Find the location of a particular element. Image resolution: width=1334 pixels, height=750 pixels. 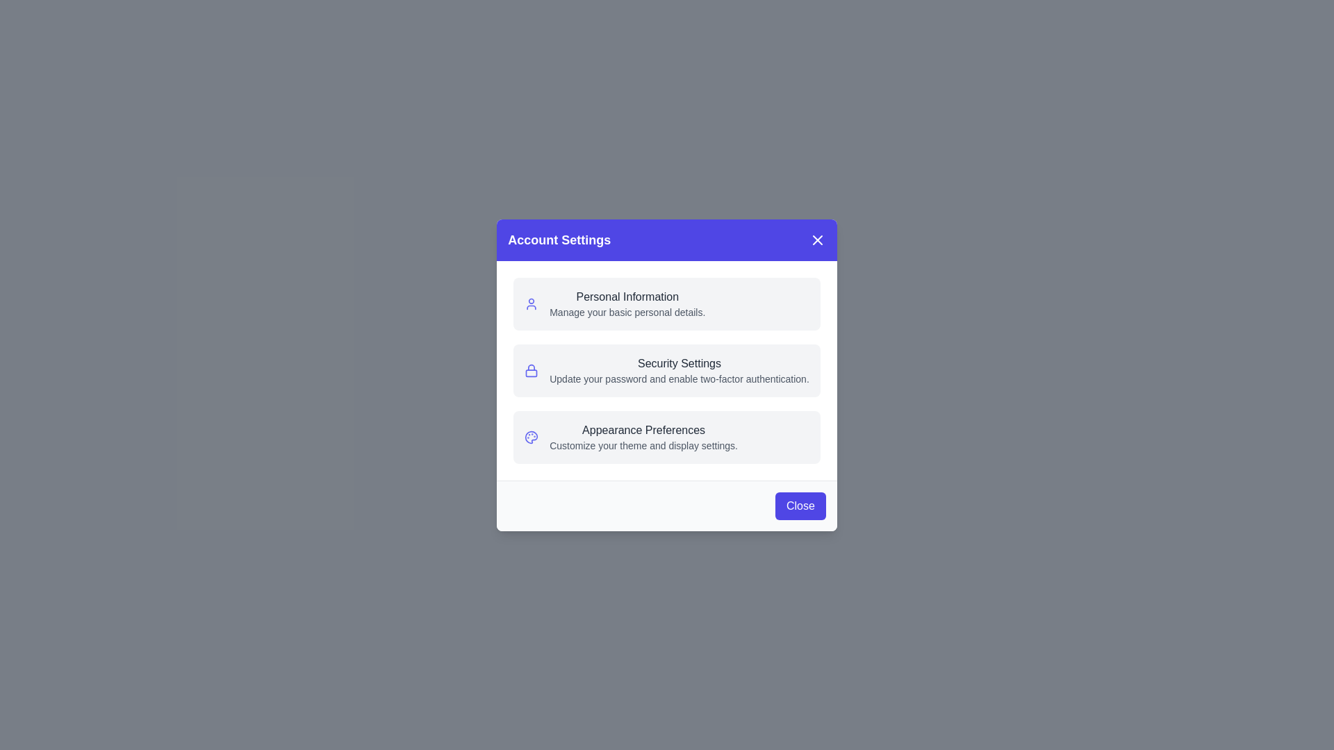

information displayed in the vertically arranged list of options within the rounded white box, located centrally in the modal window below the 'Account Settings' header is located at coordinates (667, 369).